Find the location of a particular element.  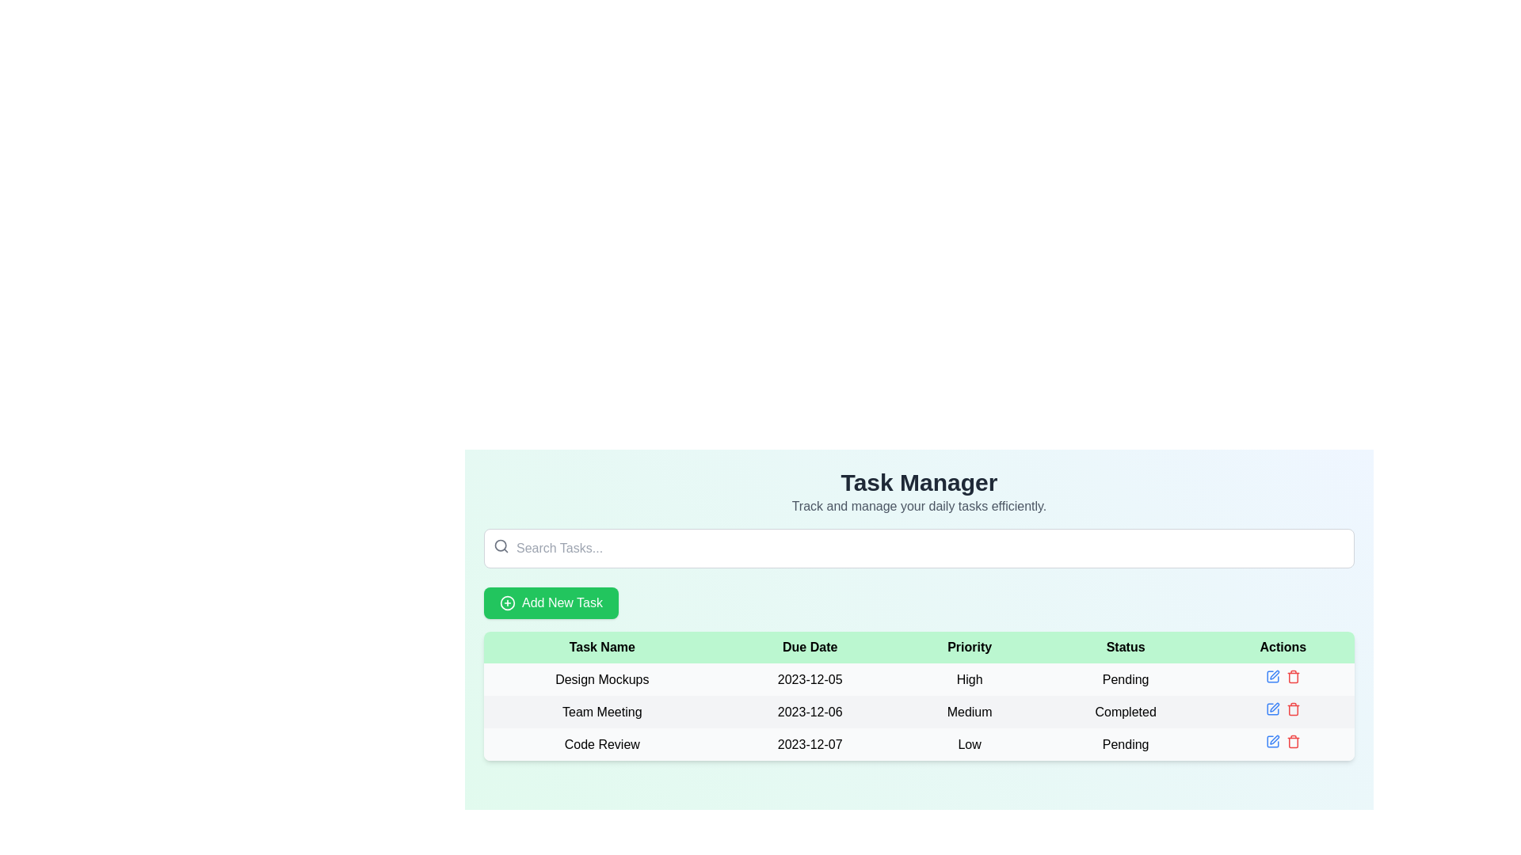

the table cell labeled 'Design Mockups' in the first row under the 'Task Name' column is located at coordinates (601, 678).